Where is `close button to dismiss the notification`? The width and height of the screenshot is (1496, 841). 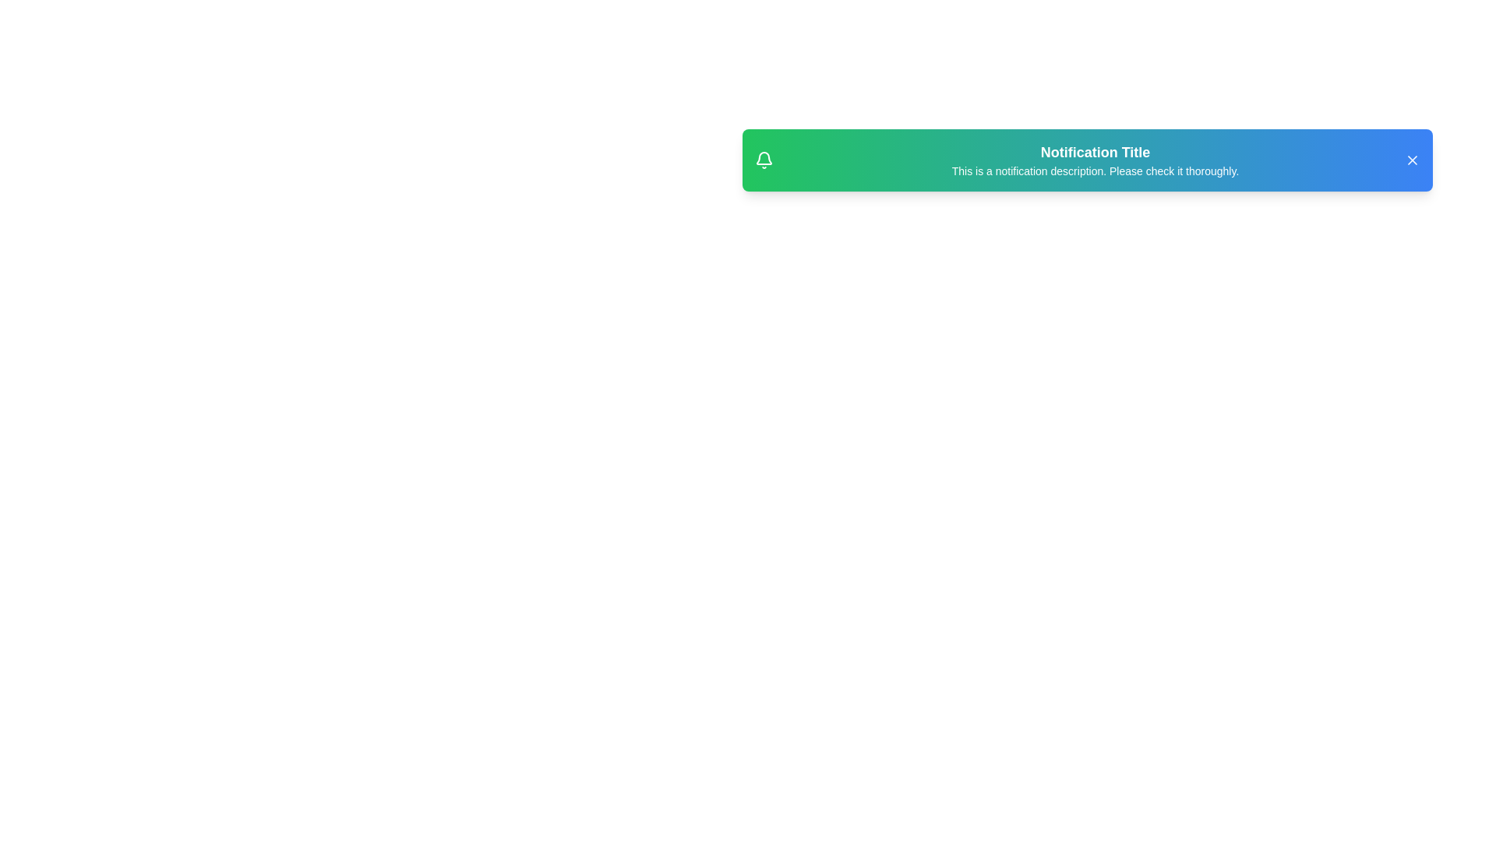 close button to dismiss the notification is located at coordinates (1413, 160).